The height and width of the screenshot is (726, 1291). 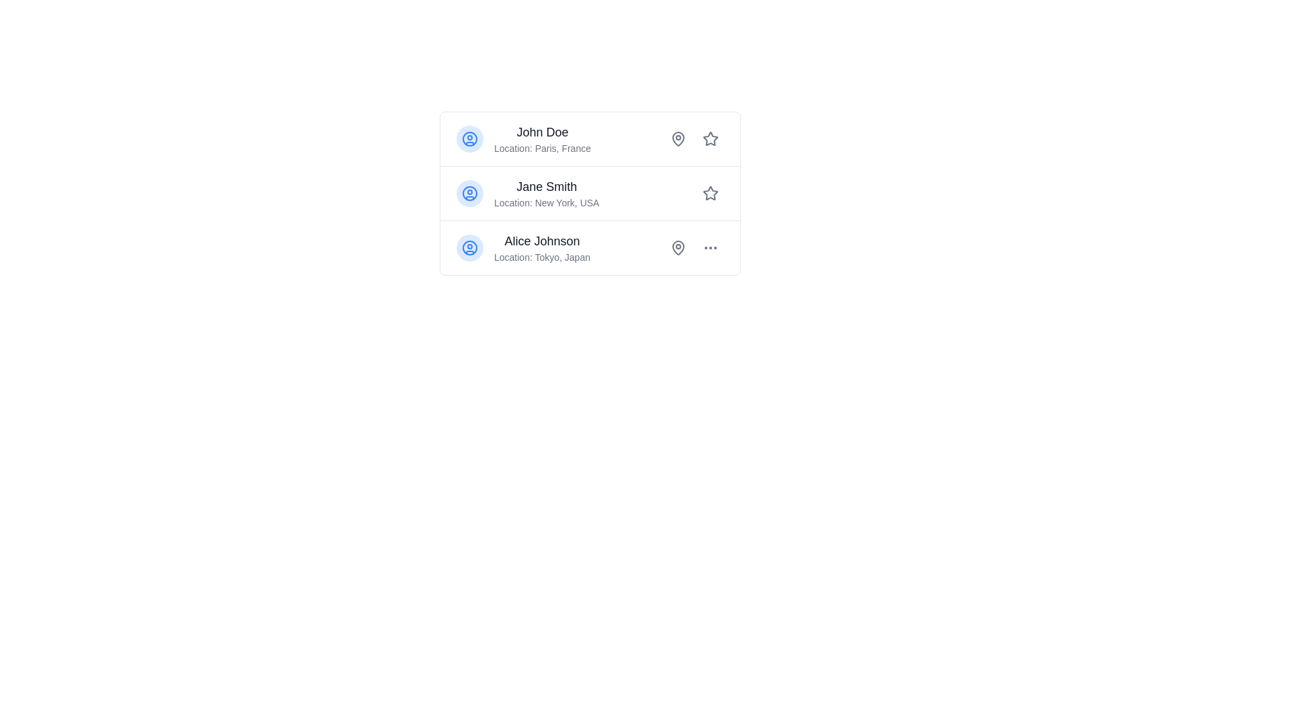 I want to click on the circular icon with a blue background and white outline to the left of 'Alice Johnson' in the vertical list, so click(x=470, y=248).